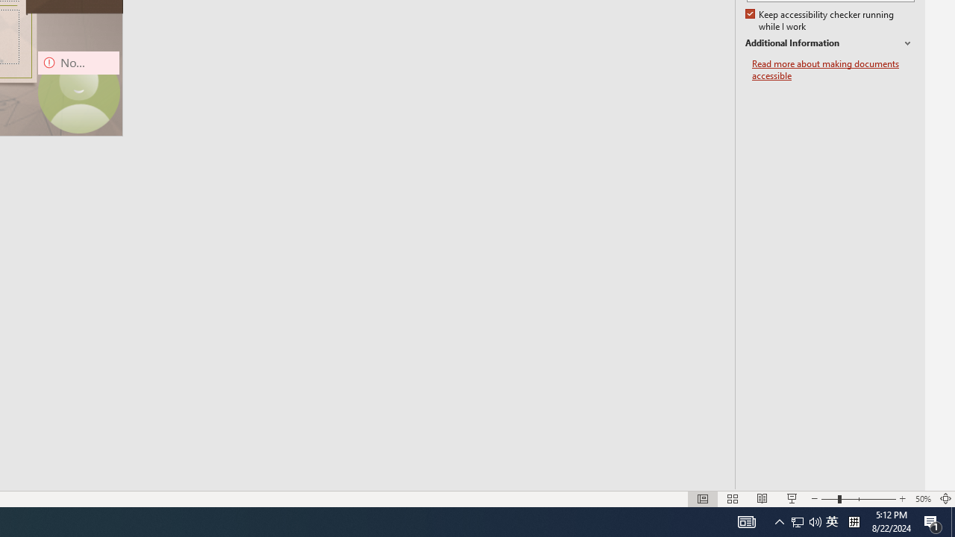  What do you see at coordinates (829, 43) in the screenshot?
I see `'Additional Information'` at bounding box center [829, 43].